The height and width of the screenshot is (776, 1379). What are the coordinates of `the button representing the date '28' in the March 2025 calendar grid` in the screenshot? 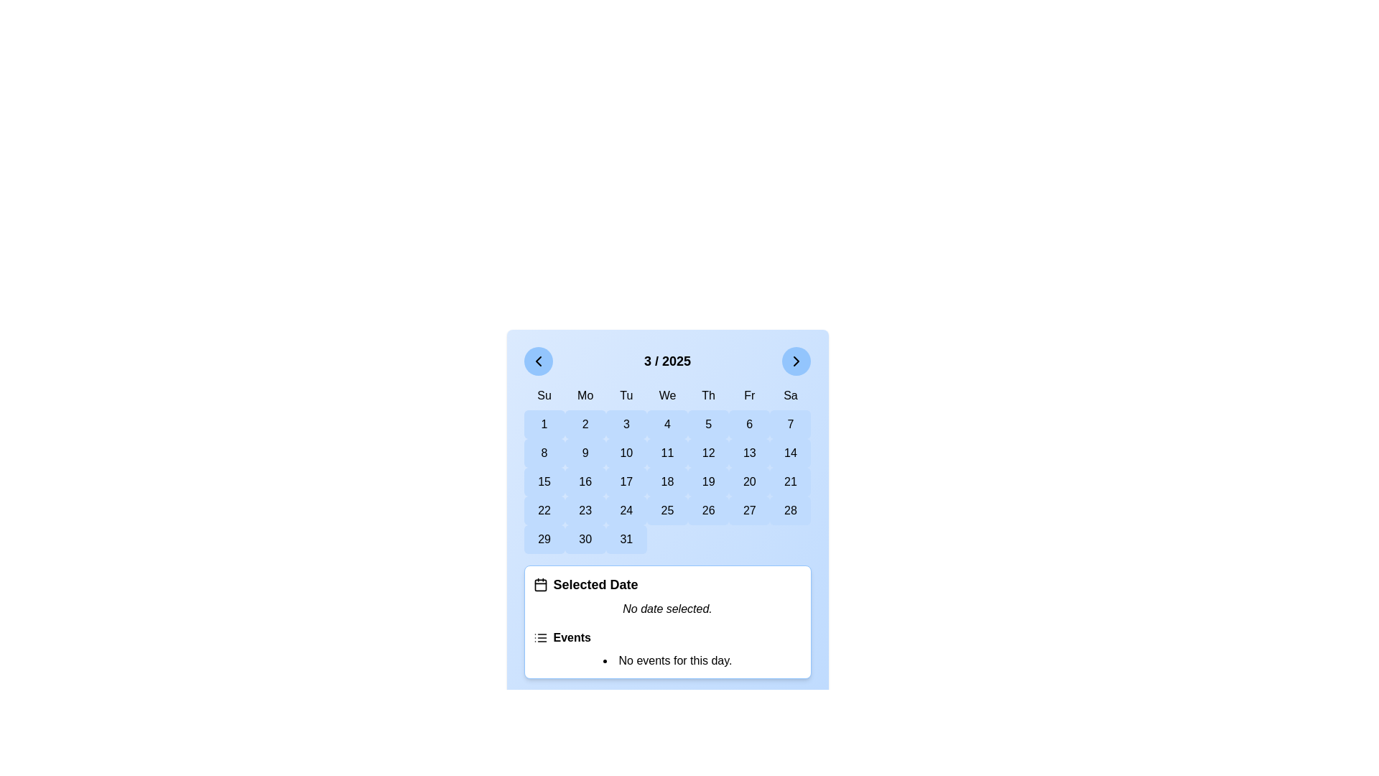 It's located at (789, 509).